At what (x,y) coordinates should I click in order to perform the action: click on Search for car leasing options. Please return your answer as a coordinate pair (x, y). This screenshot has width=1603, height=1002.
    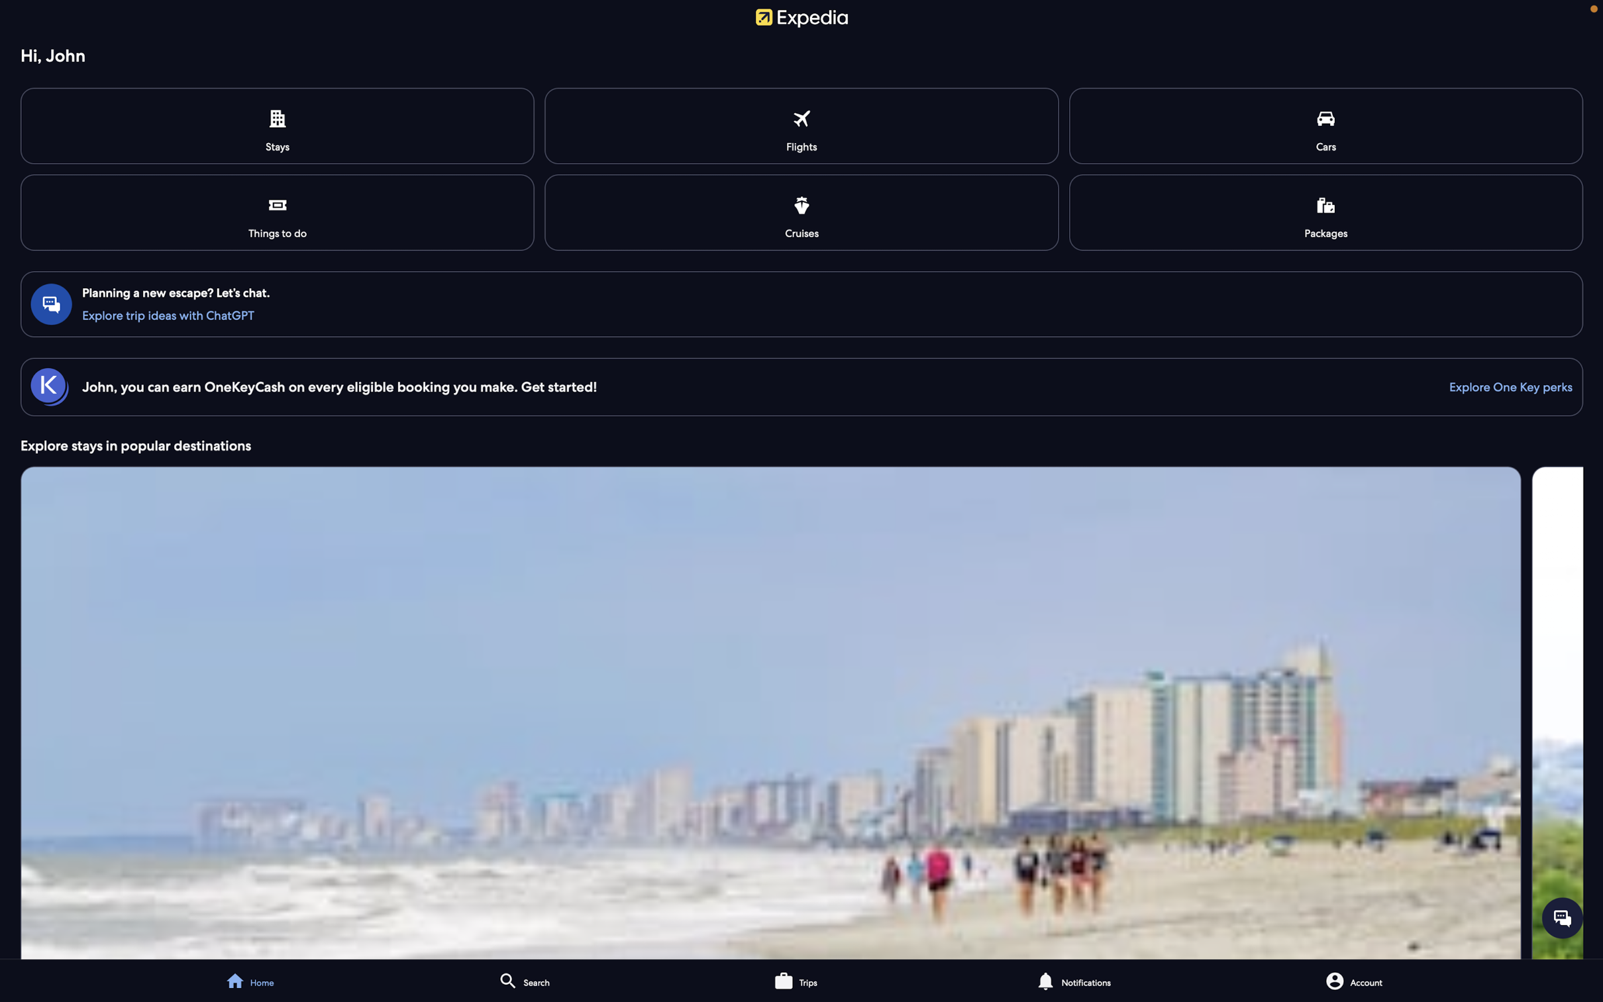
    Looking at the image, I should click on (1326, 126).